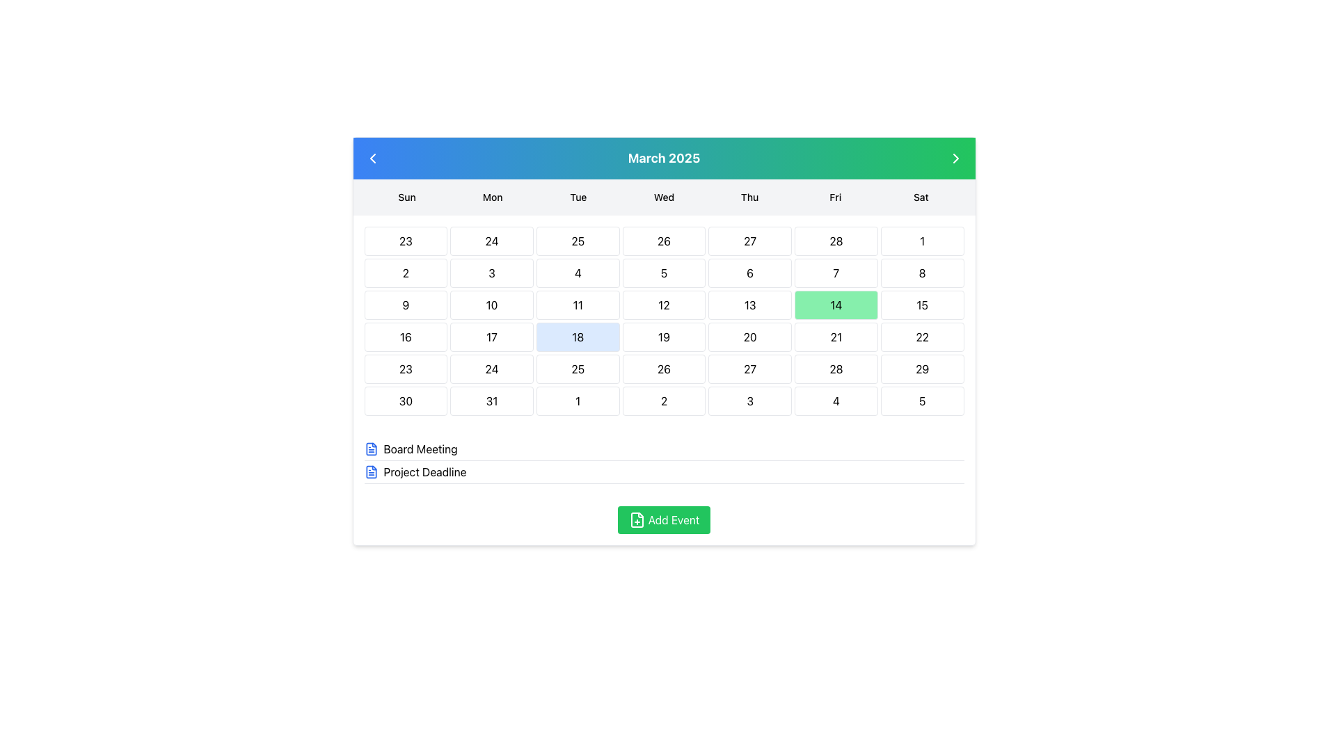 The height and width of the screenshot is (751, 1336). Describe the element at coordinates (405, 273) in the screenshot. I see `the calendar date cell displaying the number '2', located in the second row and first column of the calendar grid` at that location.